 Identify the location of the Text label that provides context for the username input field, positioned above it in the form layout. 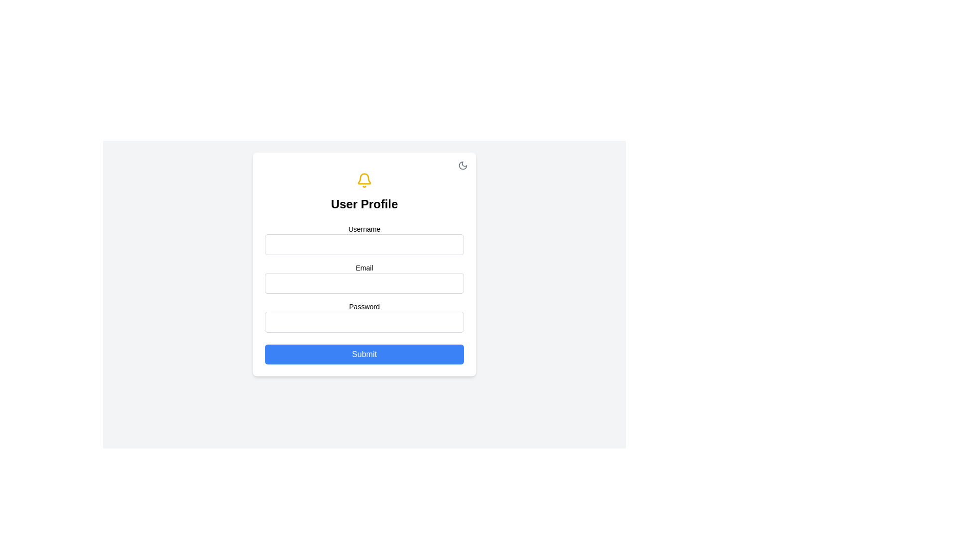
(363, 229).